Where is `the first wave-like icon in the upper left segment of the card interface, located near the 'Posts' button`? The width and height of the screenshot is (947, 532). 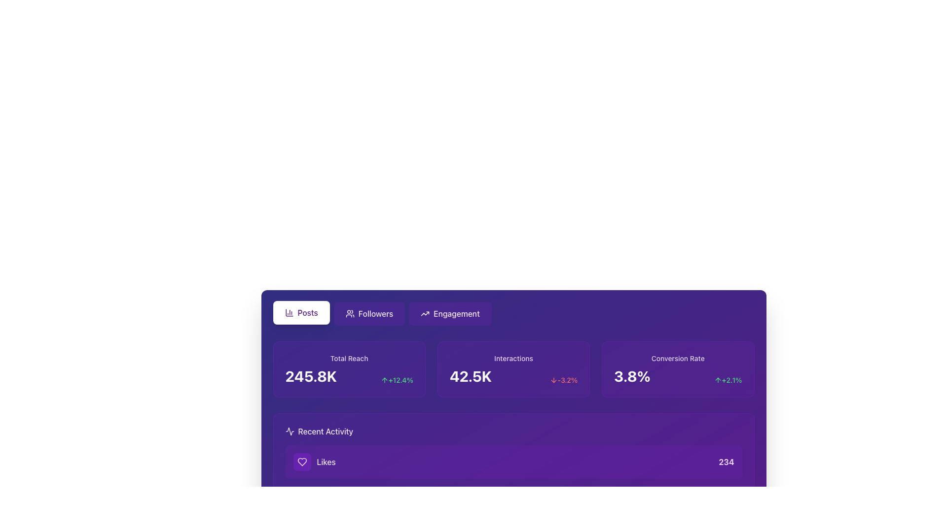
the first wave-like icon in the upper left segment of the card interface, located near the 'Posts' button is located at coordinates (289, 431).